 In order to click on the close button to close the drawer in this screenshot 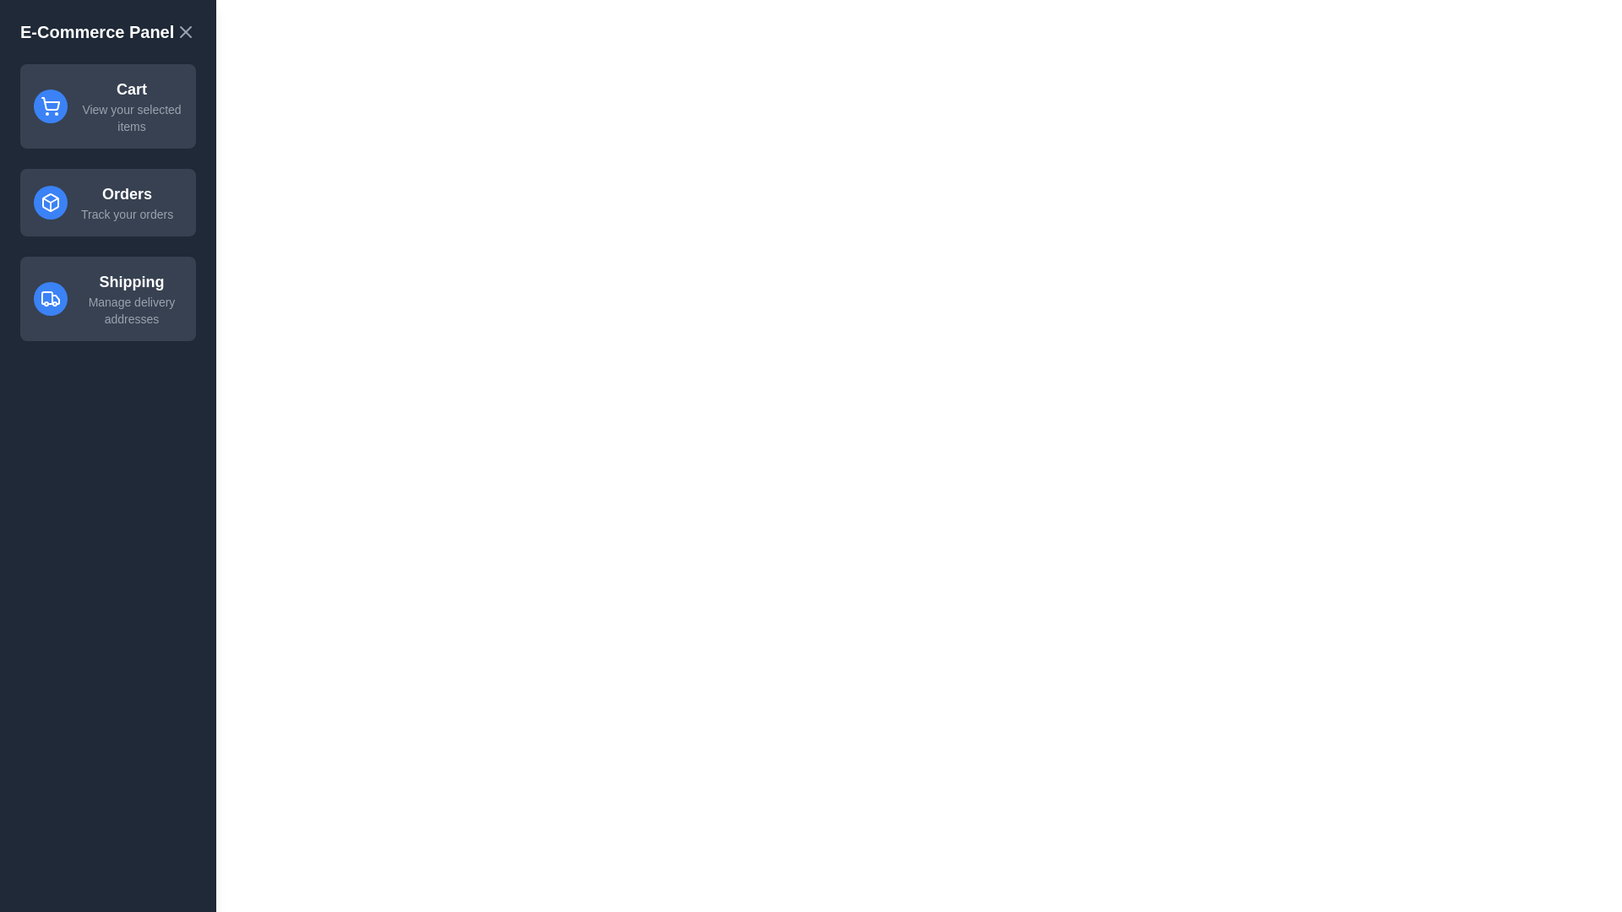, I will do `click(186, 32)`.